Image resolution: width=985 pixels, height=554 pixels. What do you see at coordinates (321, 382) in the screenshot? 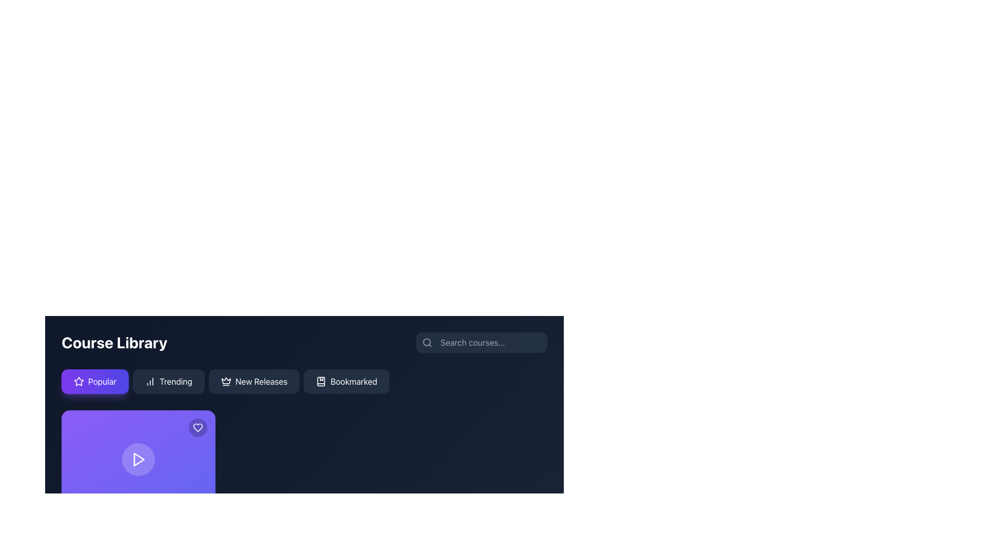
I see `the bookmarked icon located to the left of the text label 'Bookmarked' in the button group at the top of the interface` at bounding box center [321, 382].